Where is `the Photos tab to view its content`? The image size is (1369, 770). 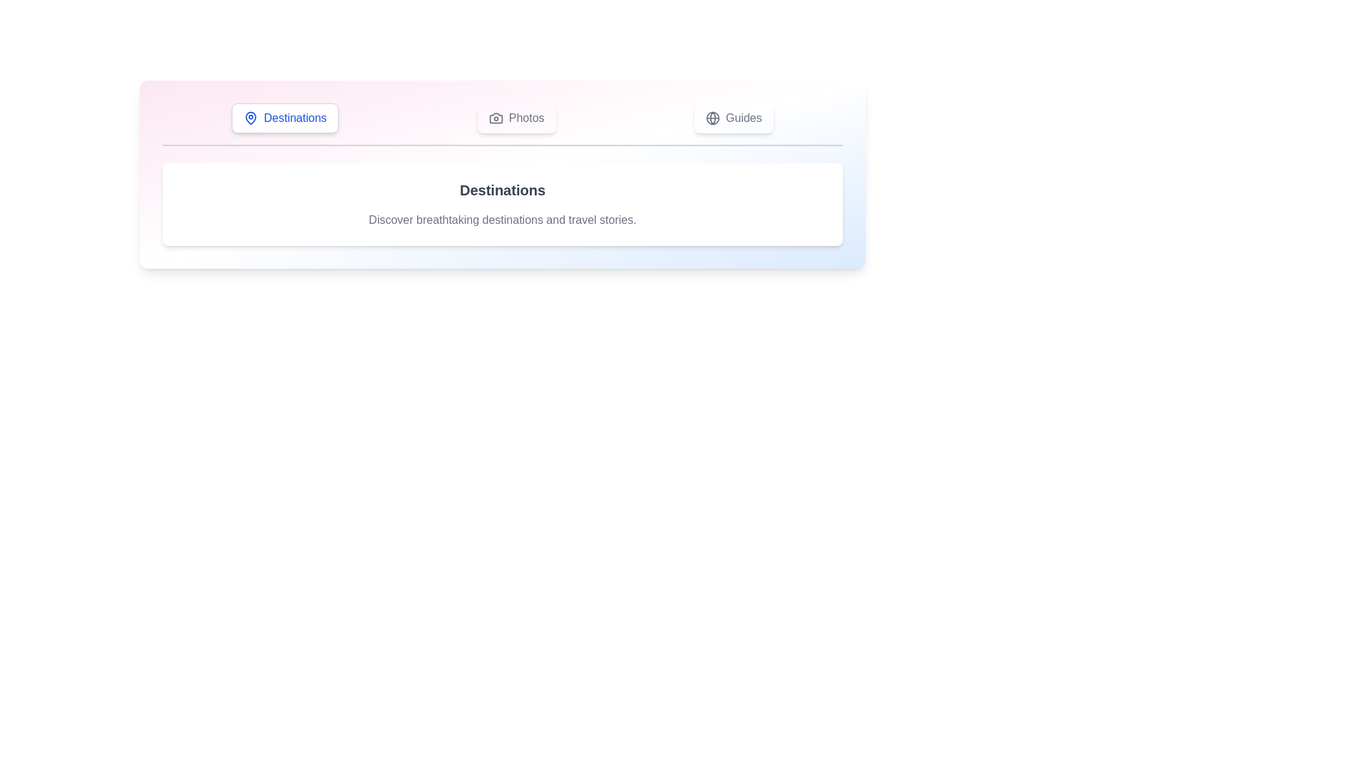 the Photos tab to view its content is located at coordinates (516, 117).